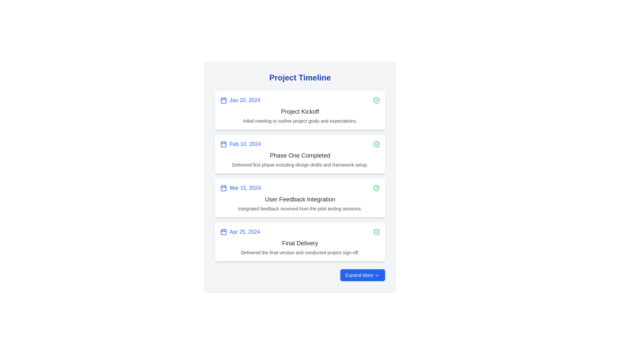 The width and height of the screenshot is (638, 359). Describe the element at coordinates (299, 252) in the screenshot. I see `the text label that reads 'Delivered the final version and conducted project sign-off.' located below the heading 'Final Delivery' within the project milestone section` at that location.